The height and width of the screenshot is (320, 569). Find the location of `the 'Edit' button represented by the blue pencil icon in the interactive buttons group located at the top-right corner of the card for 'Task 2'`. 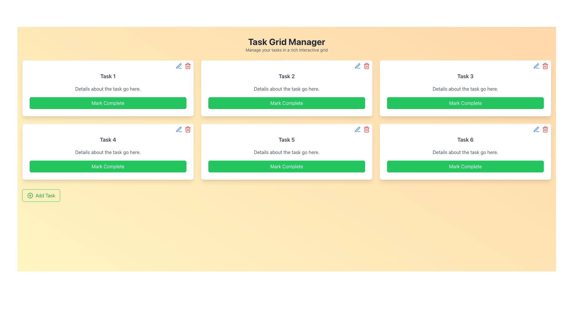

the 'Edit' button represented by the blue pencil icon in the interactive buttons group located at the top-right corner of the card for 'Task 2' is located at coordinates (362, 66).